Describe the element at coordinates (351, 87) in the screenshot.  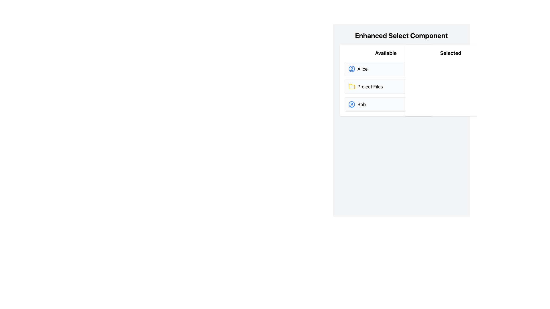
I see `the folder icon representing 'Project Files' in the 'Available' column of the 'Enhanced Select Component' section` at that location.